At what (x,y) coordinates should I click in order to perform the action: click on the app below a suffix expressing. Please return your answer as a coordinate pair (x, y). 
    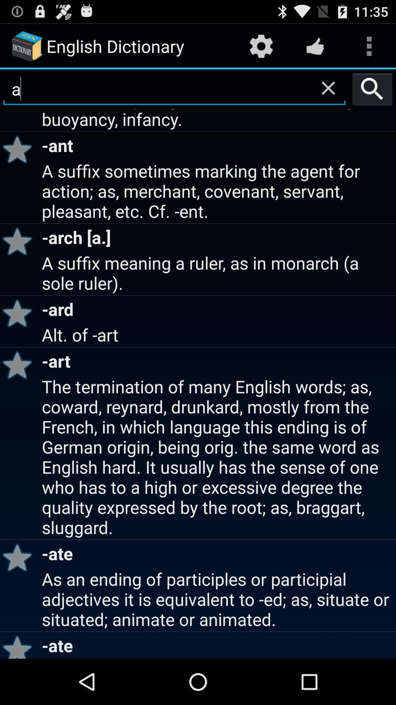
    Looking at the image, I should click on (19, 149).